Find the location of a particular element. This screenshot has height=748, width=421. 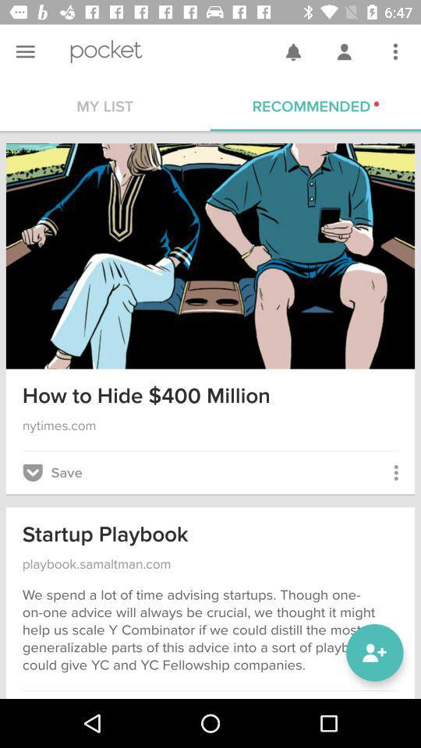

the follow icon is located at coordinates (373, 652).